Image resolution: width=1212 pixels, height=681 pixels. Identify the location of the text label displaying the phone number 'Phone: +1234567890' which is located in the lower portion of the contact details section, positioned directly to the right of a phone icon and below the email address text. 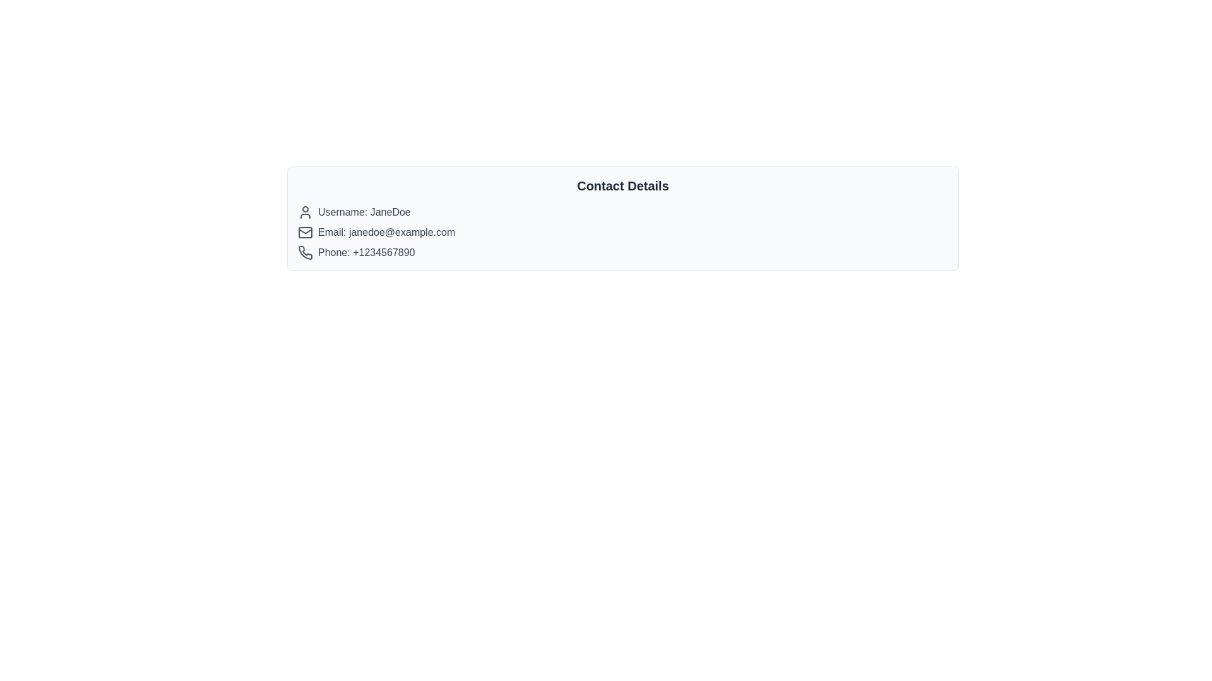
(365, 253).